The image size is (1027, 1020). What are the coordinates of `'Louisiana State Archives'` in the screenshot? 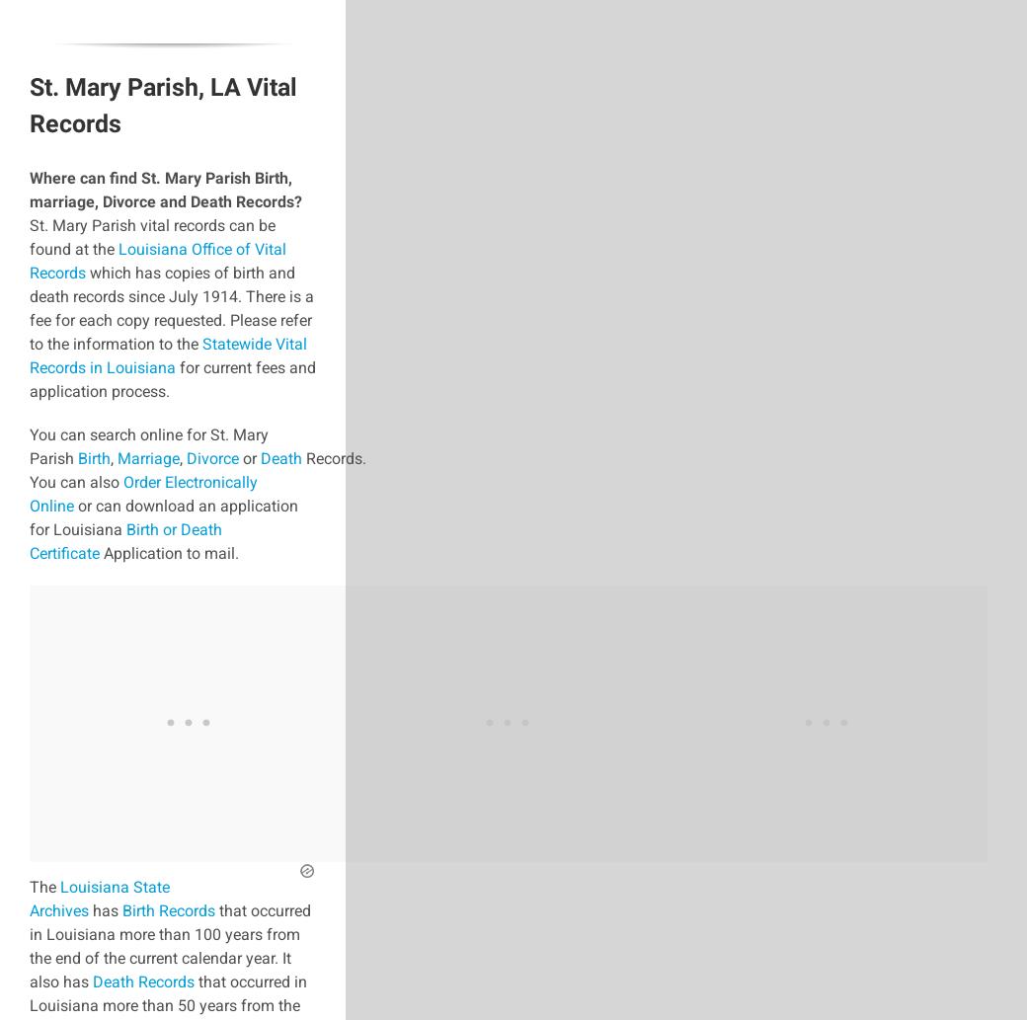 It's located at (98, 898).